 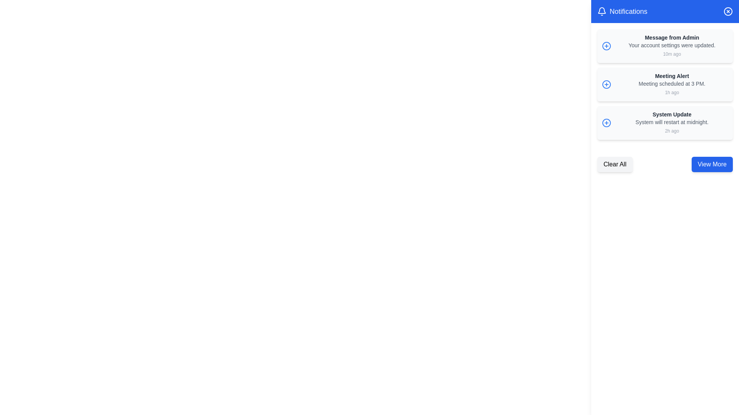 What do you see at coordinates (672, 121) in the screenshot?
I see `the text line that reads 'System will restart at midnight.' located in the body of the notification about a 'System Update'` at bounding box center [672, 121].